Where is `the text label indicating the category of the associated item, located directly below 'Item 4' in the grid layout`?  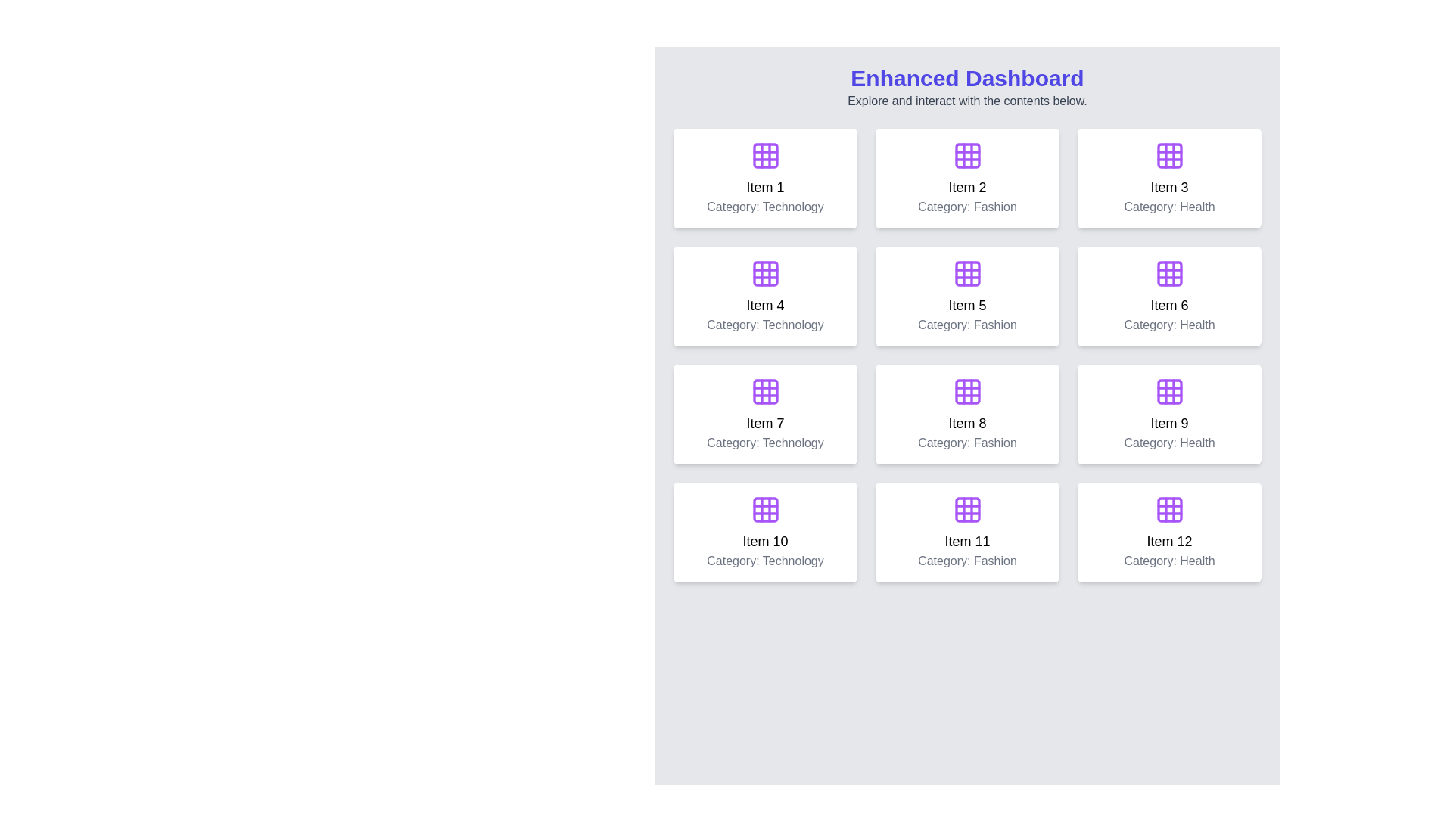
the text label indicating the category of the associated item, located directly below 'Item 4' in the grid layout is located at coordinates (765, 324).